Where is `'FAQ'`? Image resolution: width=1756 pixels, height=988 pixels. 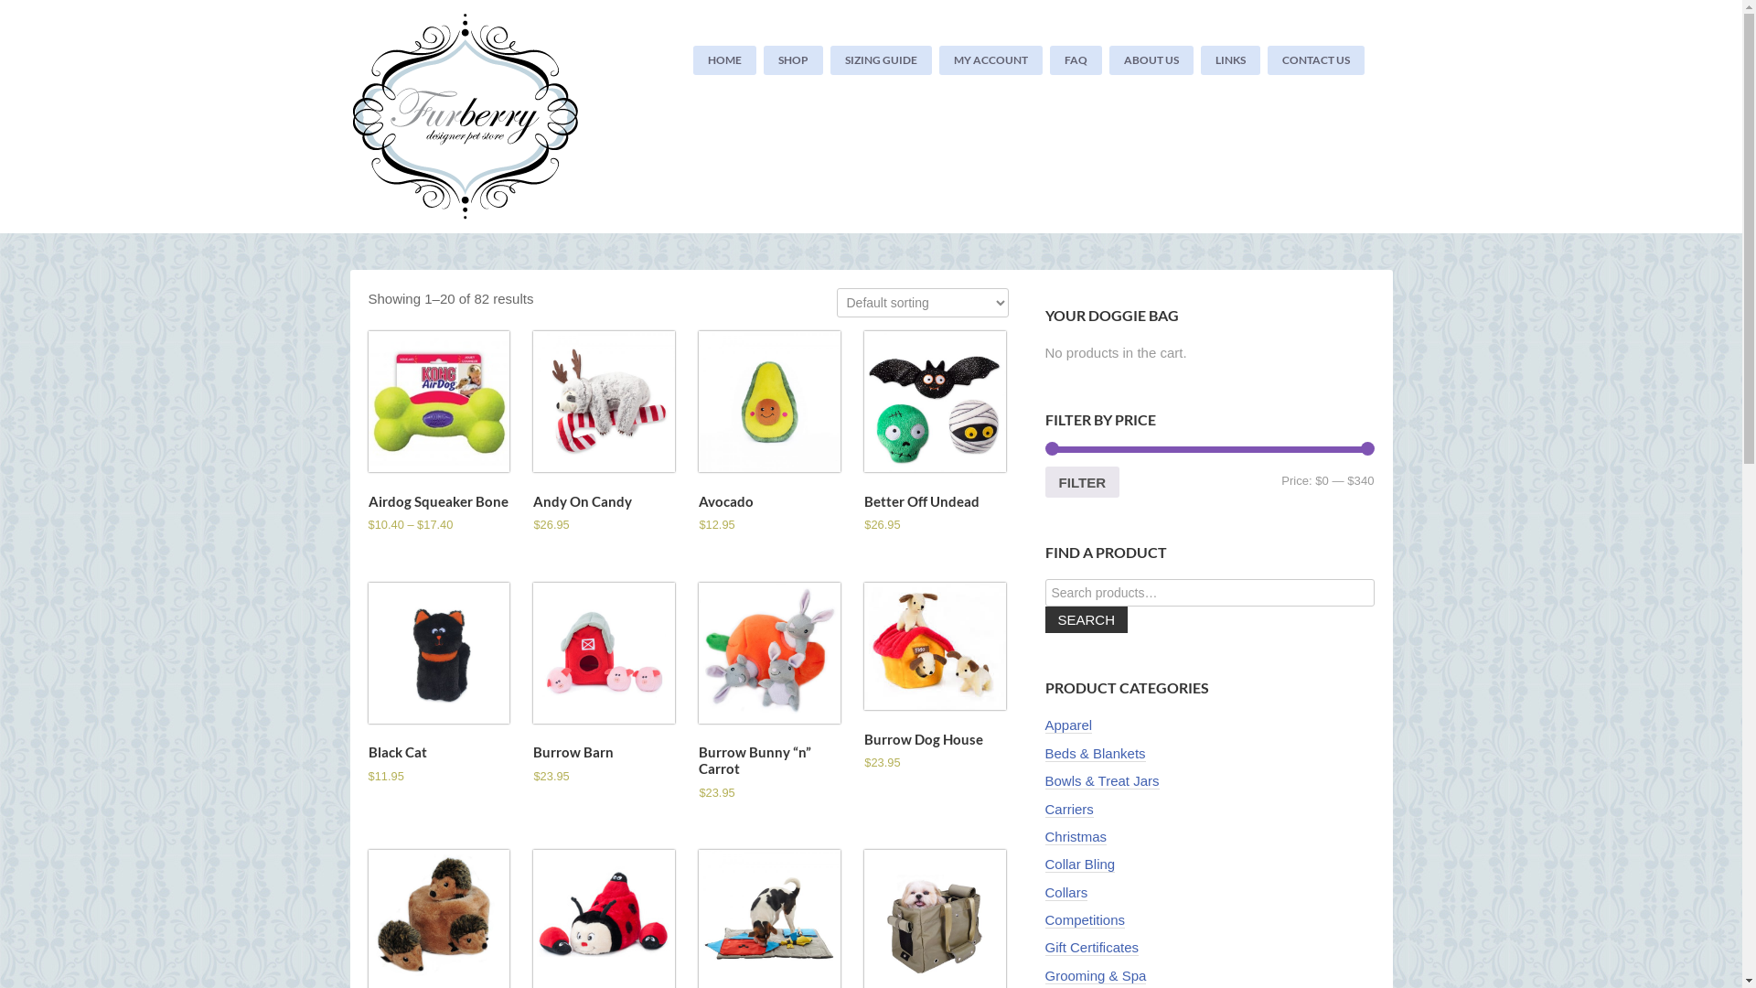 'FAQ' is located at coordinates (1049, 59).